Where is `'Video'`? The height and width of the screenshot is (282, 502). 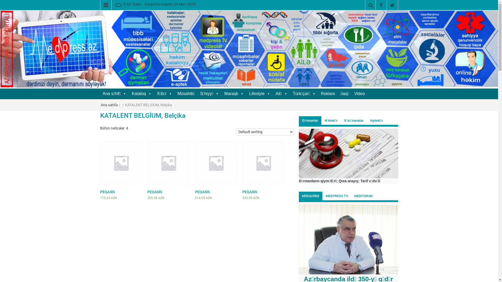 'Video' is located at coordinates (359, 93).